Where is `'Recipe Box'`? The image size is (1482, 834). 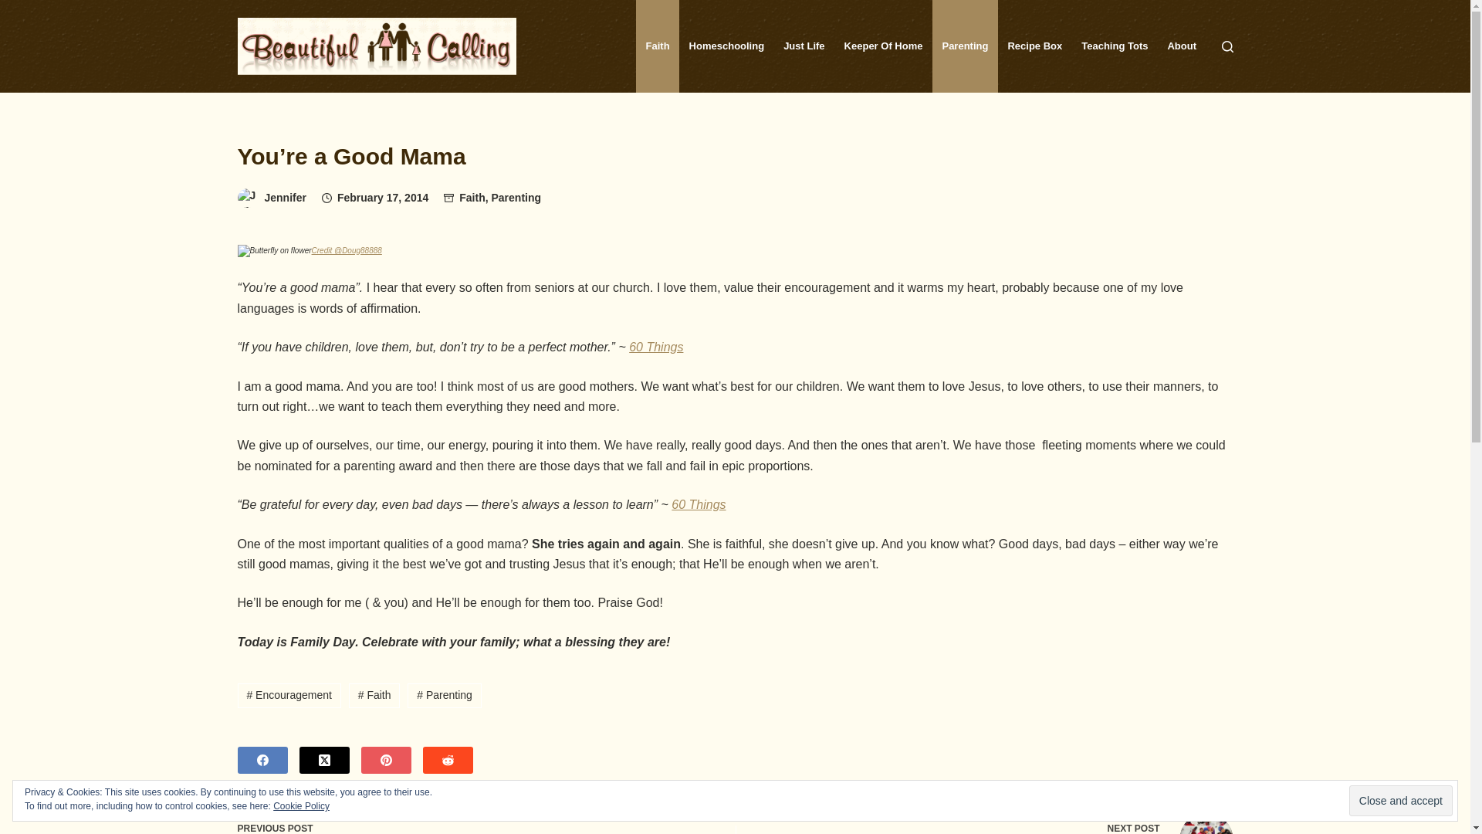
'Recipe Box' is located at coordinates (1034, 46).